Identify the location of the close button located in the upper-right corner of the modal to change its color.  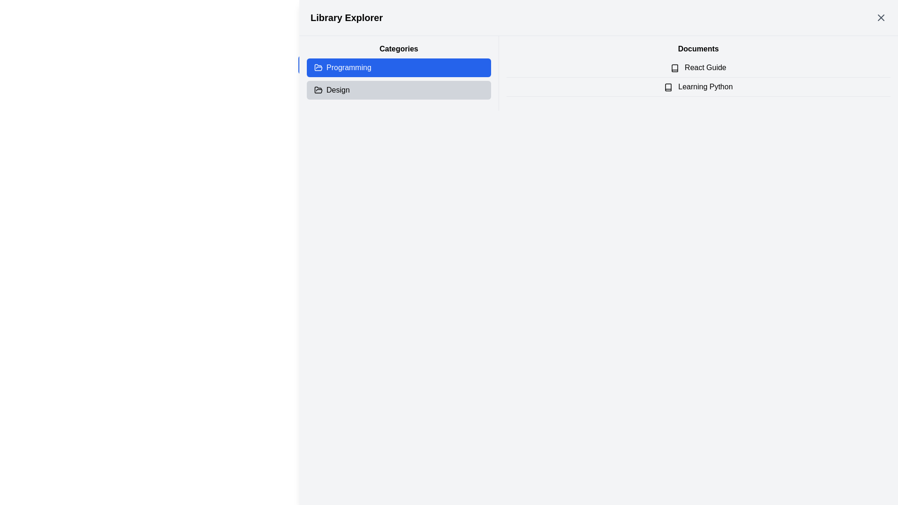
(880, 18).